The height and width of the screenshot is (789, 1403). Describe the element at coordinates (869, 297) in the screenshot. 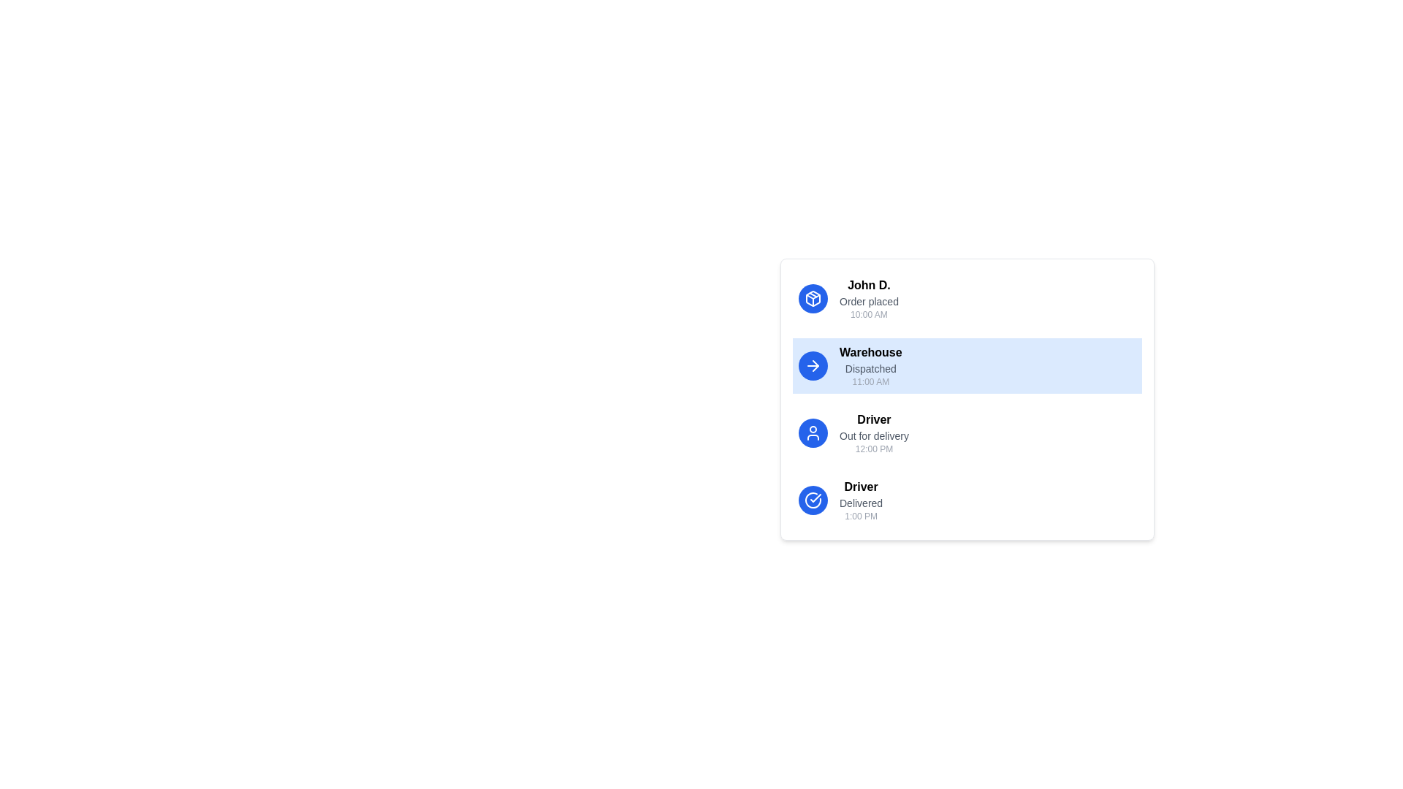

I see `text block containing the title 'John D.', the subtext 'Order placed', and the timestamp '10:00 AM', which is the first entry in a vertical list of similar entries` at that location.